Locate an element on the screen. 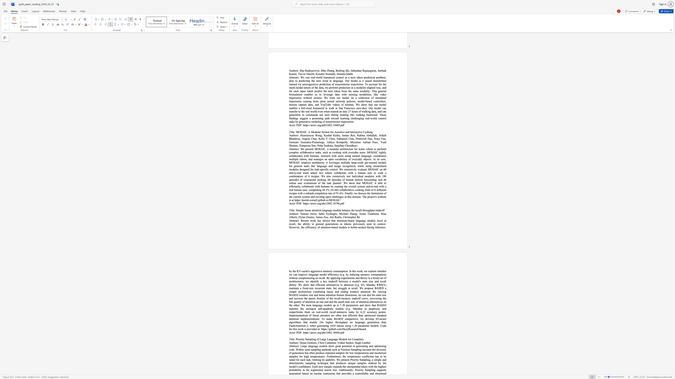 The width and height of the screenshot is (675, 379). the subset text "rac" within the text "Abstract:" is located at coordinates (294, 346).